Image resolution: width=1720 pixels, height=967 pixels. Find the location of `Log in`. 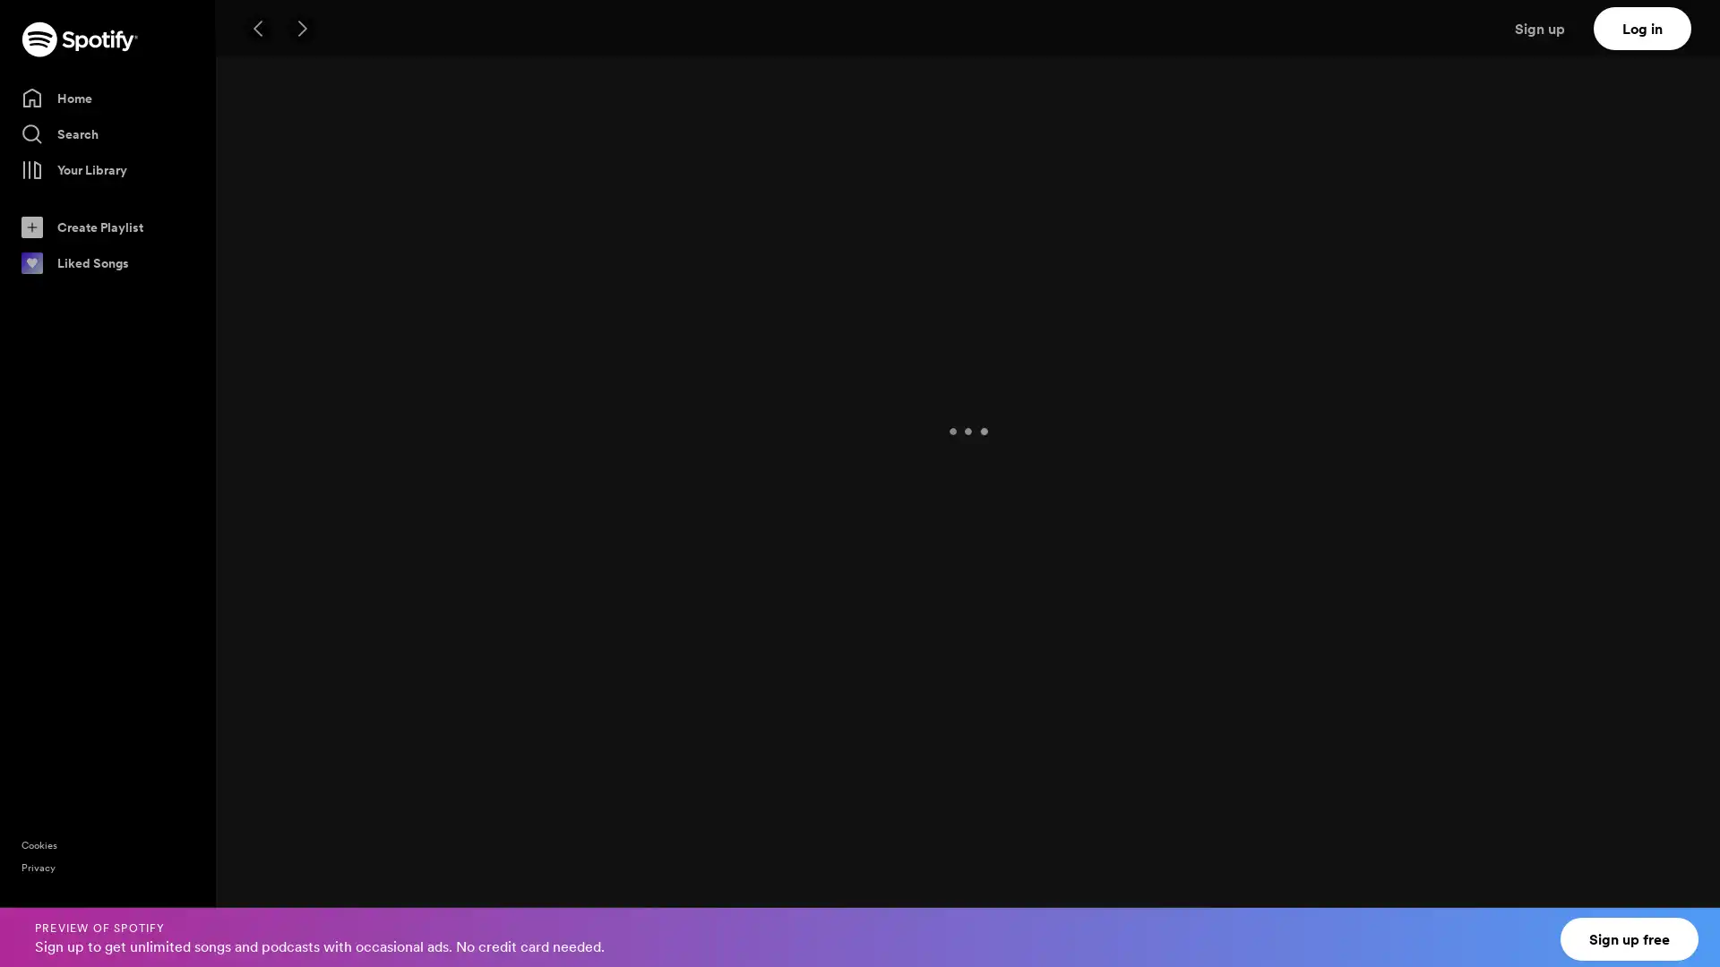

Log in is located at coordinates (1642, 28).